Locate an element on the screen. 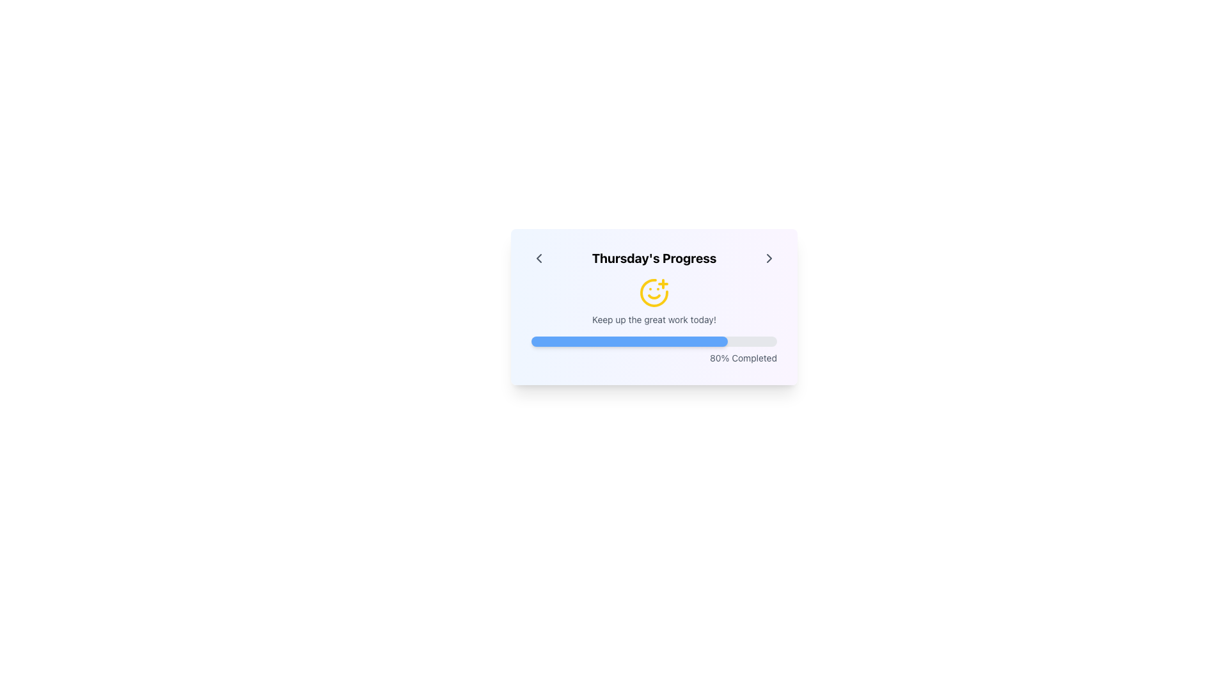 Image resolution: width=1228 pixels, height=691 pixels. the progress bar located below the text 'Keep up the great work today!' and above '80% Completed', which is visually represented by a rounded rectangular frame with a light gray background and a blue filling is located at coordinates (654, 340).